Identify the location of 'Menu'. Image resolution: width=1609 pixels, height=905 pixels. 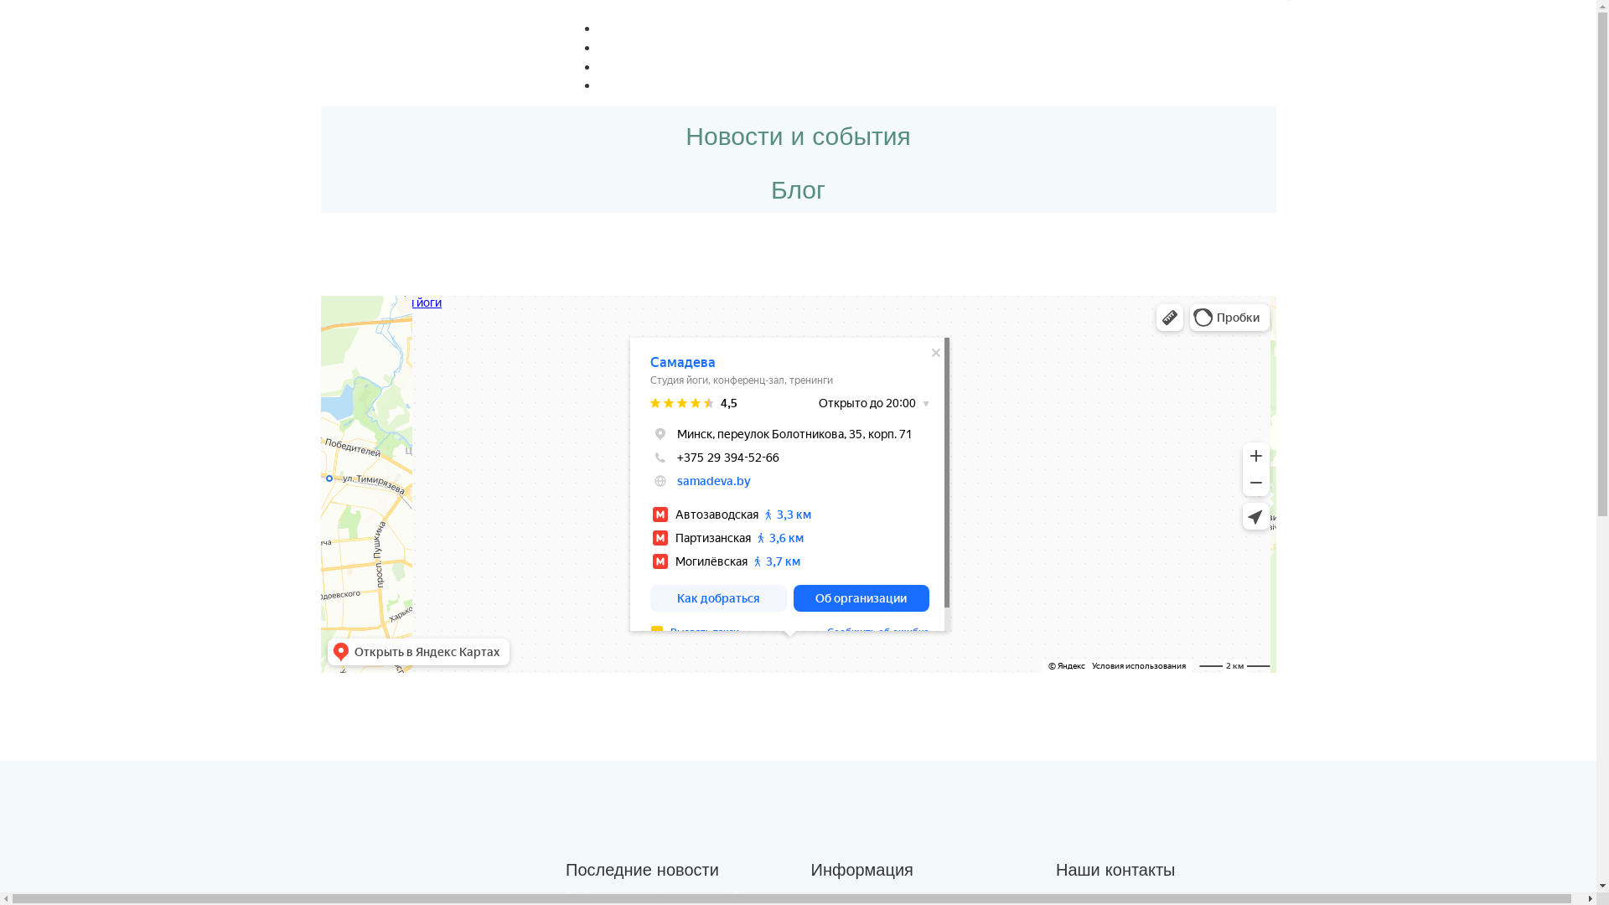
(571, 9).